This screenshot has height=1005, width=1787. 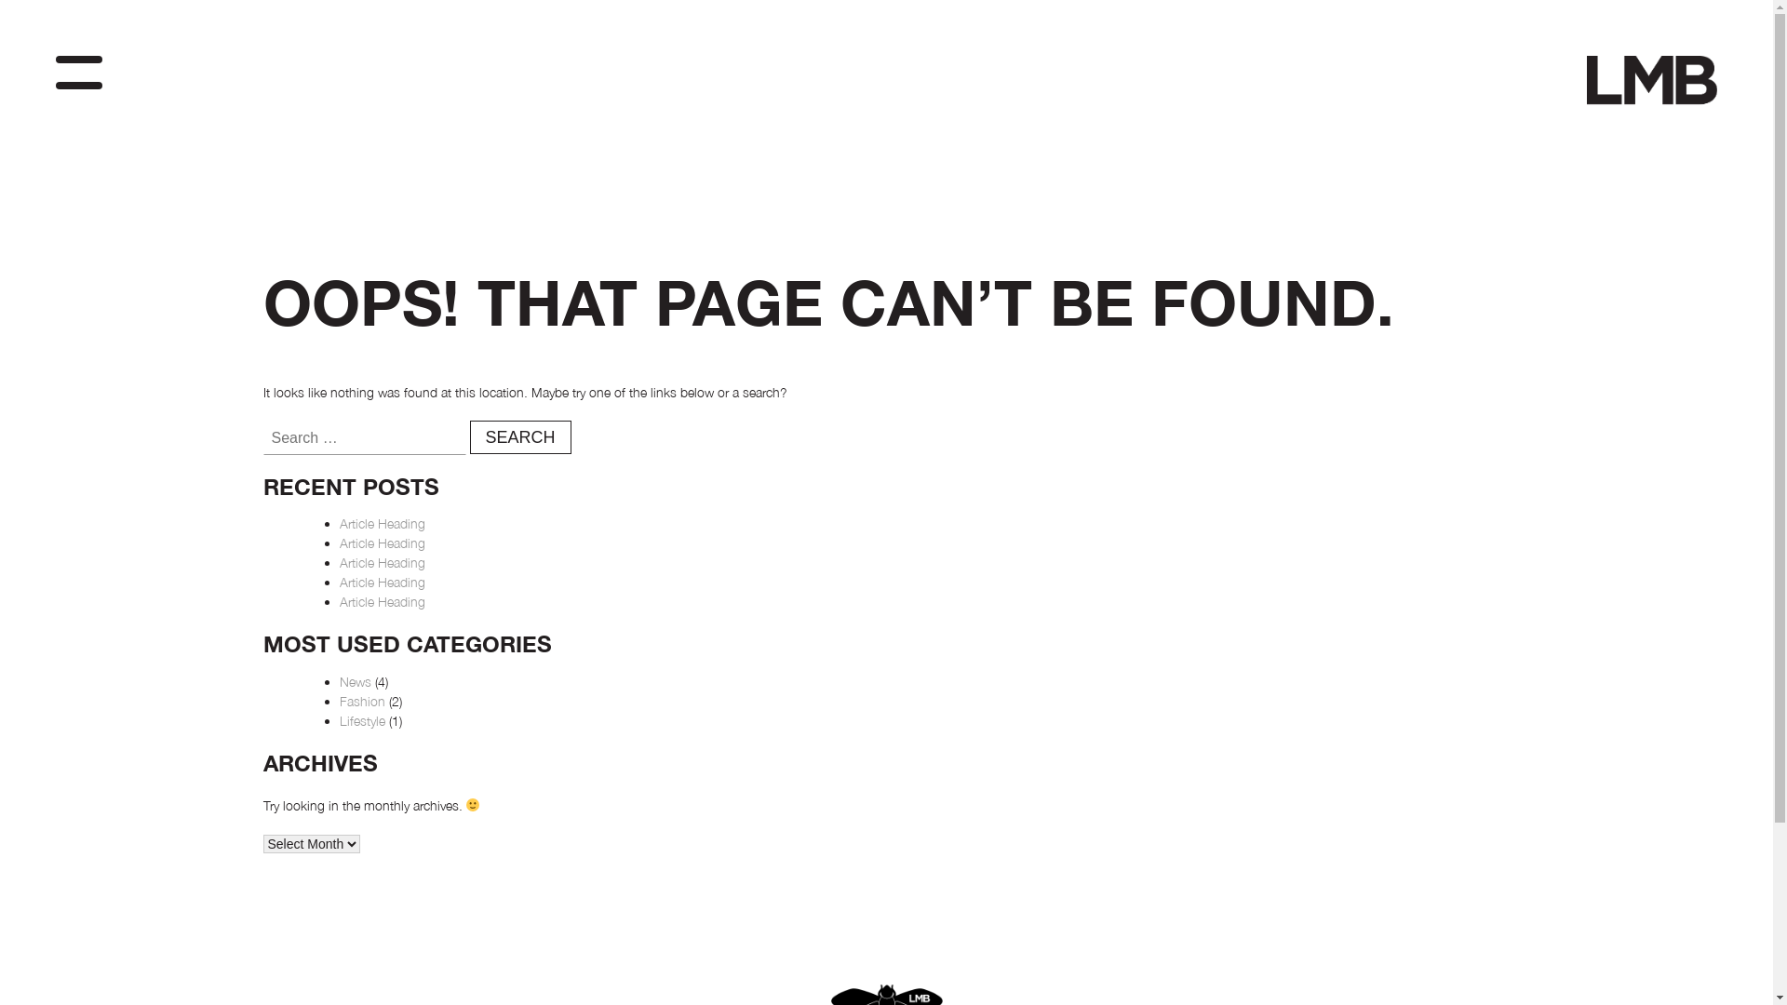 What do you see at coordinates (380, 543) in the screenshot?
I see `'Article Heading'` at bounding box center [380, 543].